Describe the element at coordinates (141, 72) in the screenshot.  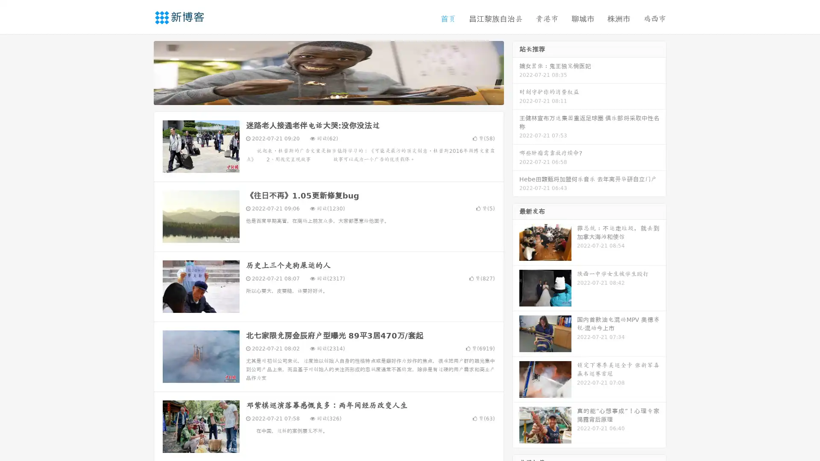
I see `Previous slide` at that location.